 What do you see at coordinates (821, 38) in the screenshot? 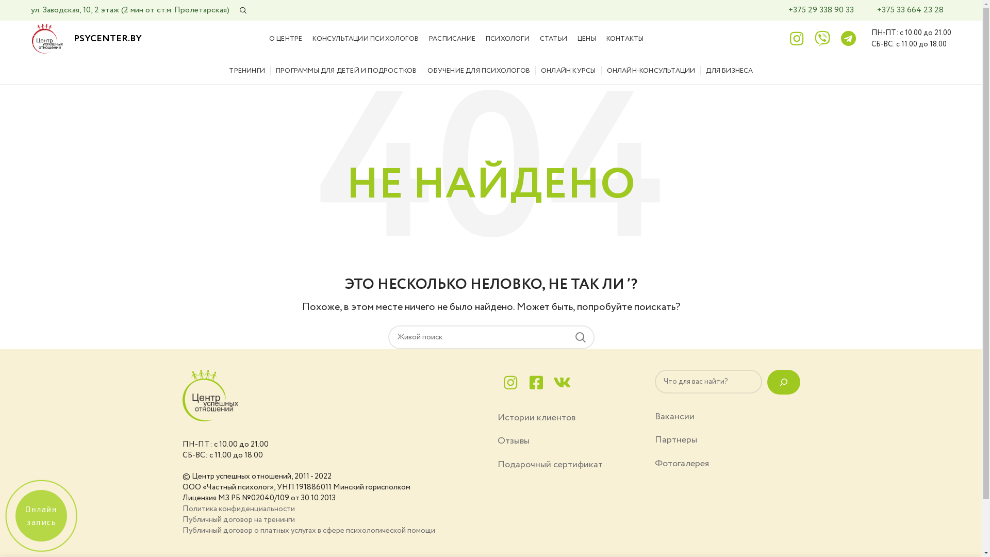
I see `'viber'` at bounding box center [821, 38].